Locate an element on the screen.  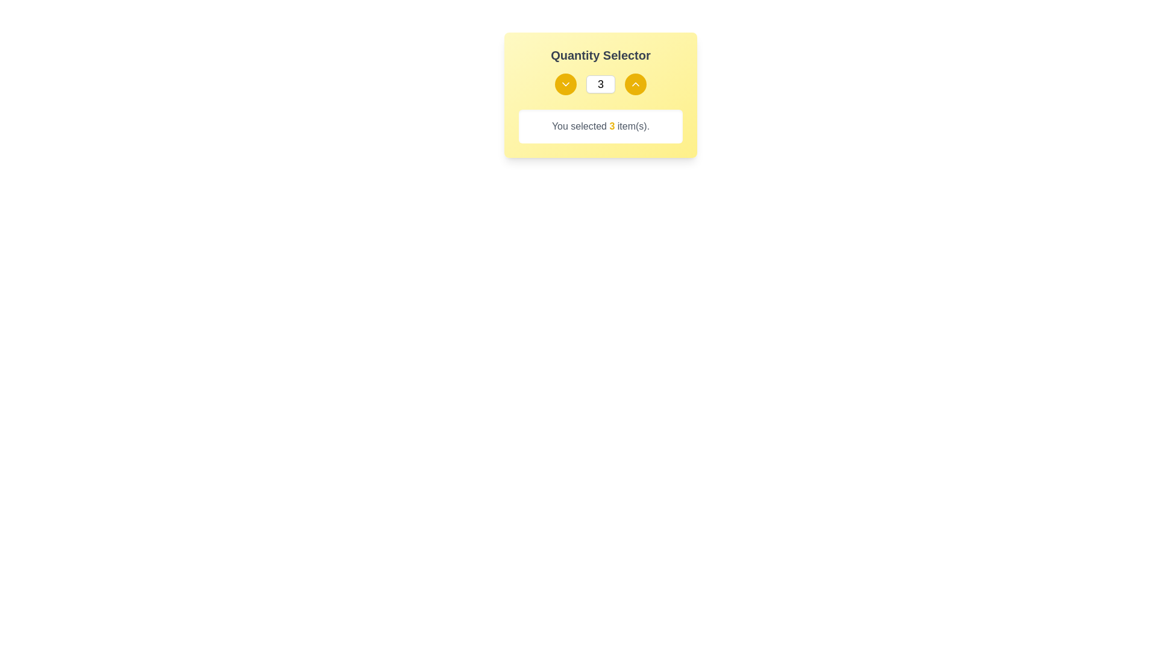
the Static text indicator that displays the current selection quantity, located at the bottom of the yellow gradient box titled 'Quantity Selector' is located at coordinates (601, 126).